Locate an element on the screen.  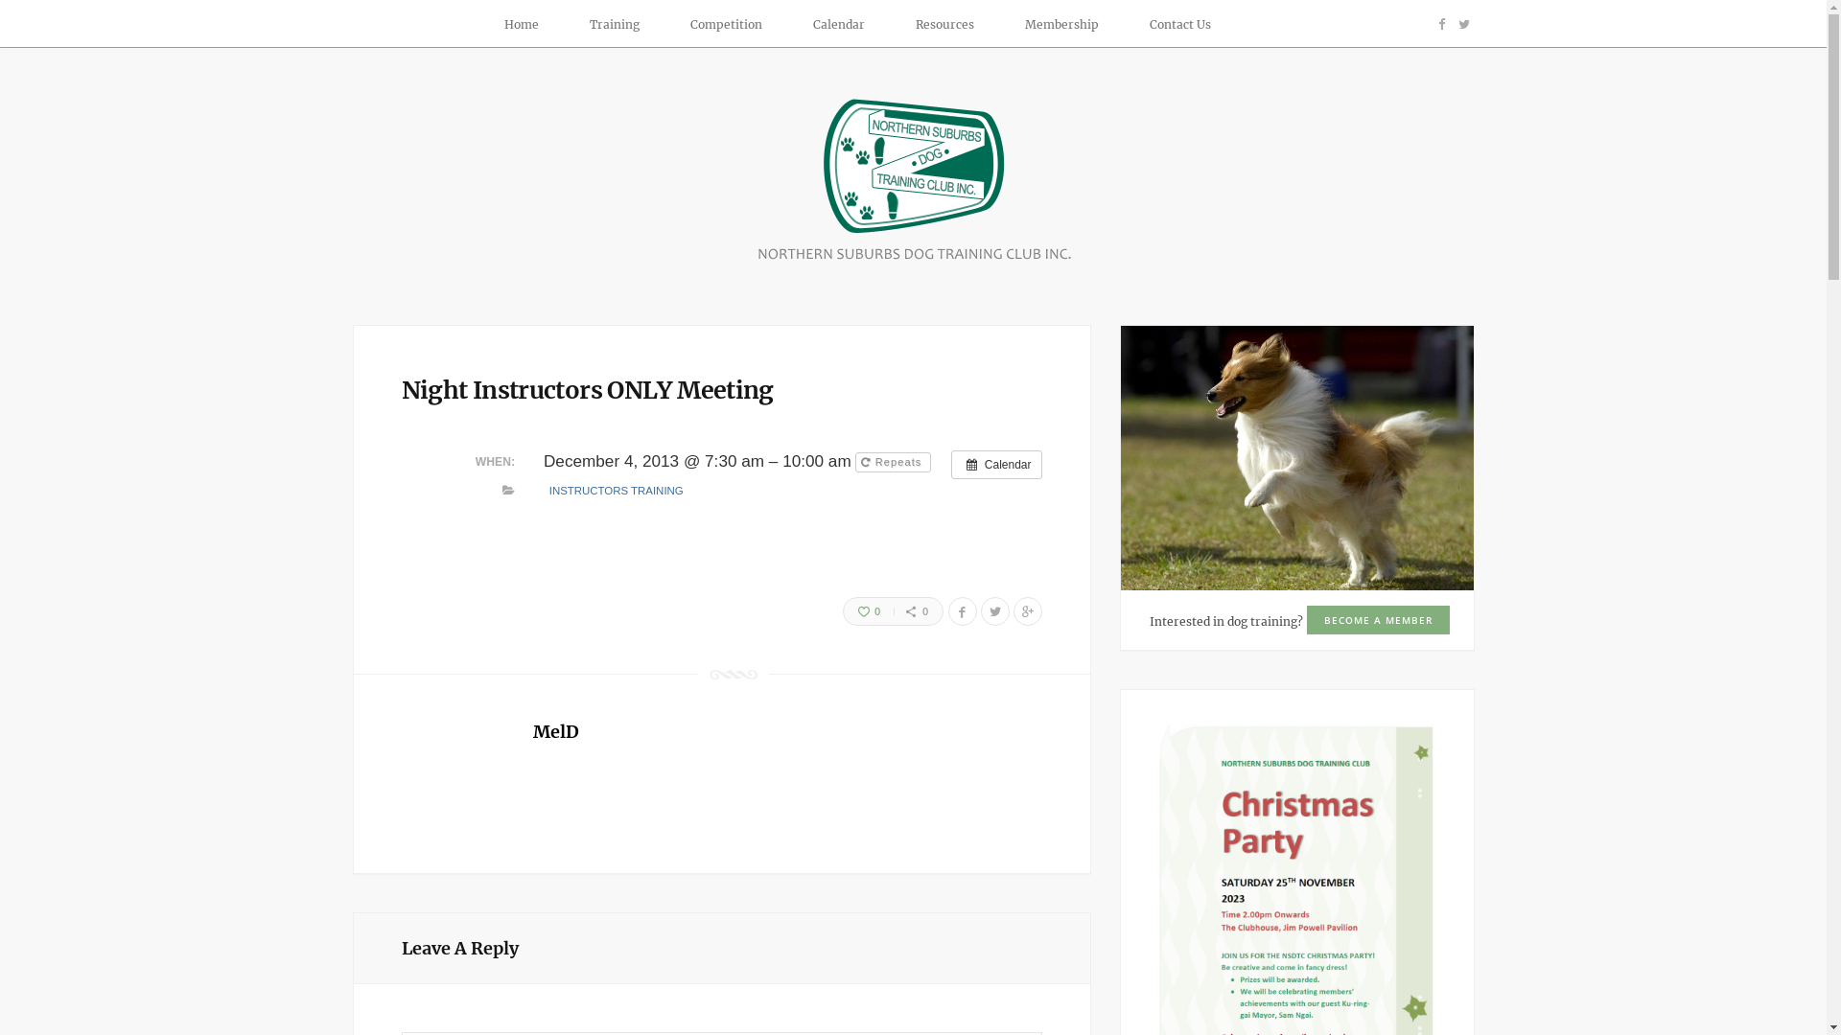
'INSTRUCTORS TRAINING' is located at coordinates (616, 489).